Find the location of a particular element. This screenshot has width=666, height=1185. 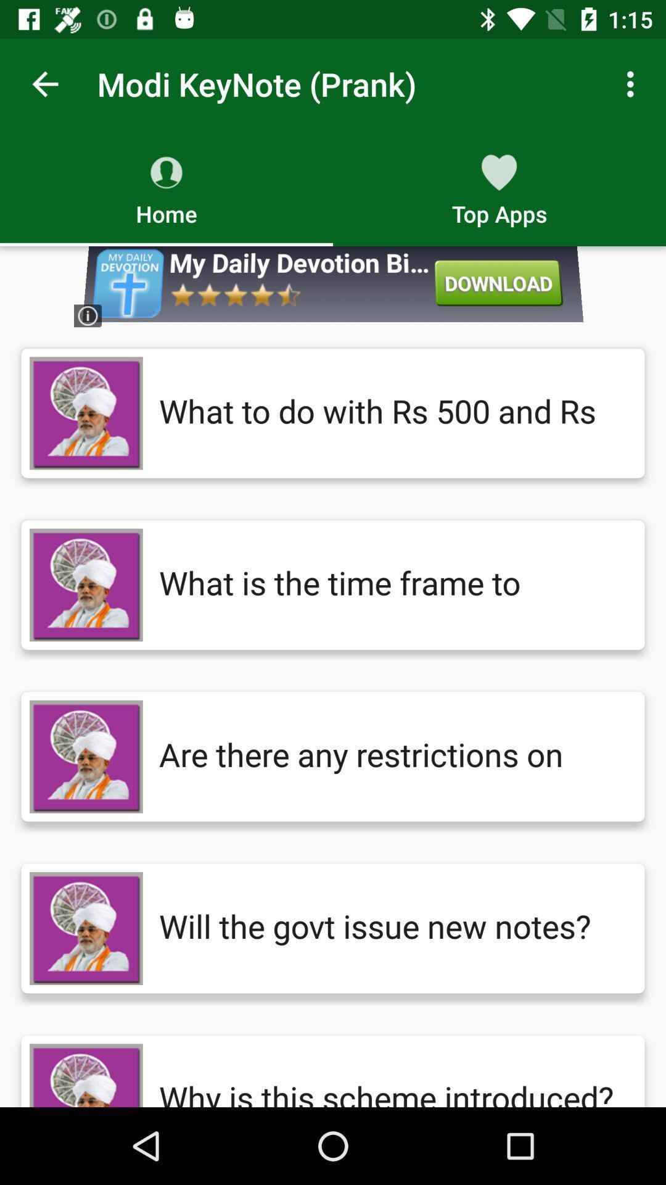

are there any item is located at coordinates (389, 756).